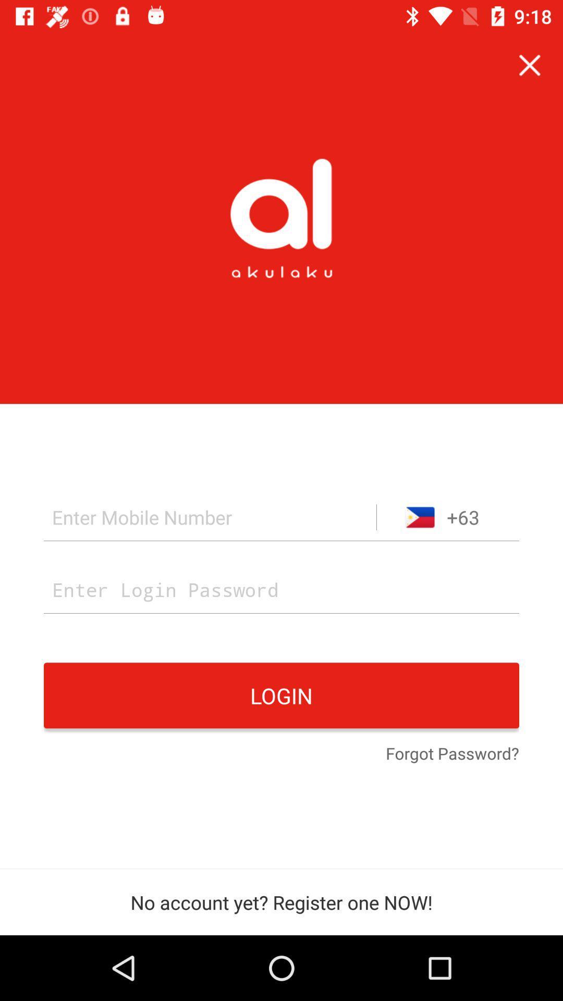 This screenshot has width=563, height=1001. I want to click on login icon, so click(281, 695).